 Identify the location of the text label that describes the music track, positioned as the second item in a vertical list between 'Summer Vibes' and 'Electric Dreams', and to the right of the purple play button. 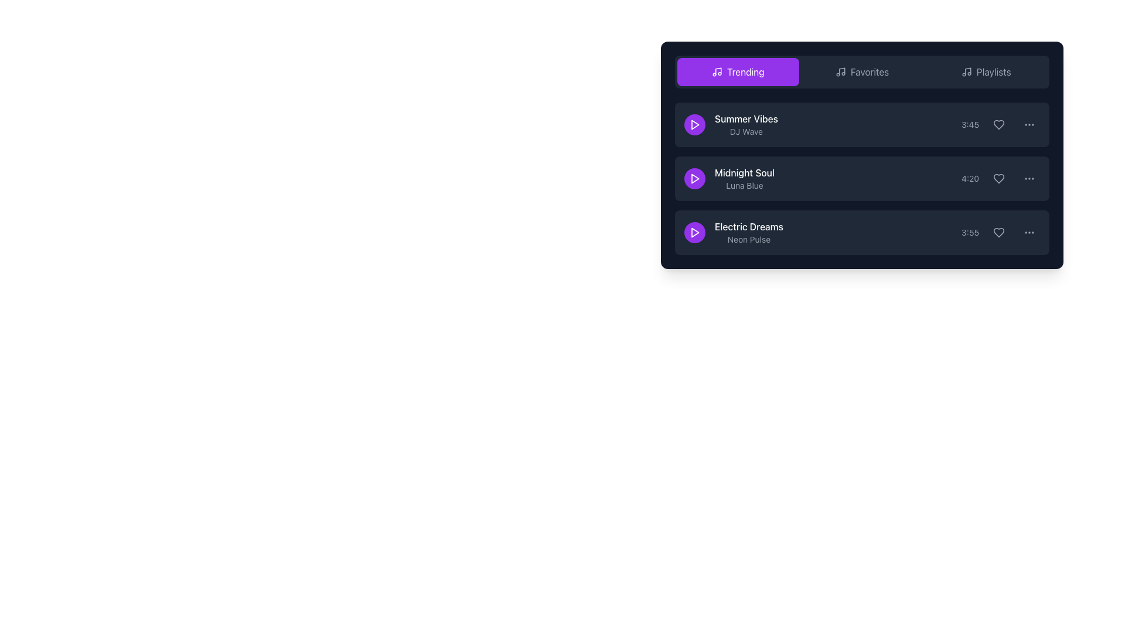
(728, 178).